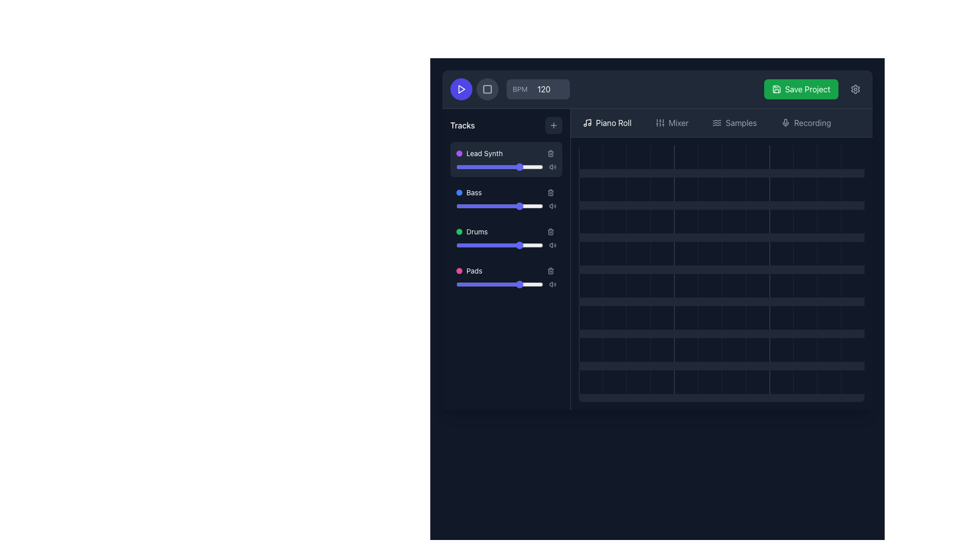  What do you see at coordinates (532, 232) in the screenshot?
I see `the volume for the 'Drums' track` at bounding box center [532, 232].